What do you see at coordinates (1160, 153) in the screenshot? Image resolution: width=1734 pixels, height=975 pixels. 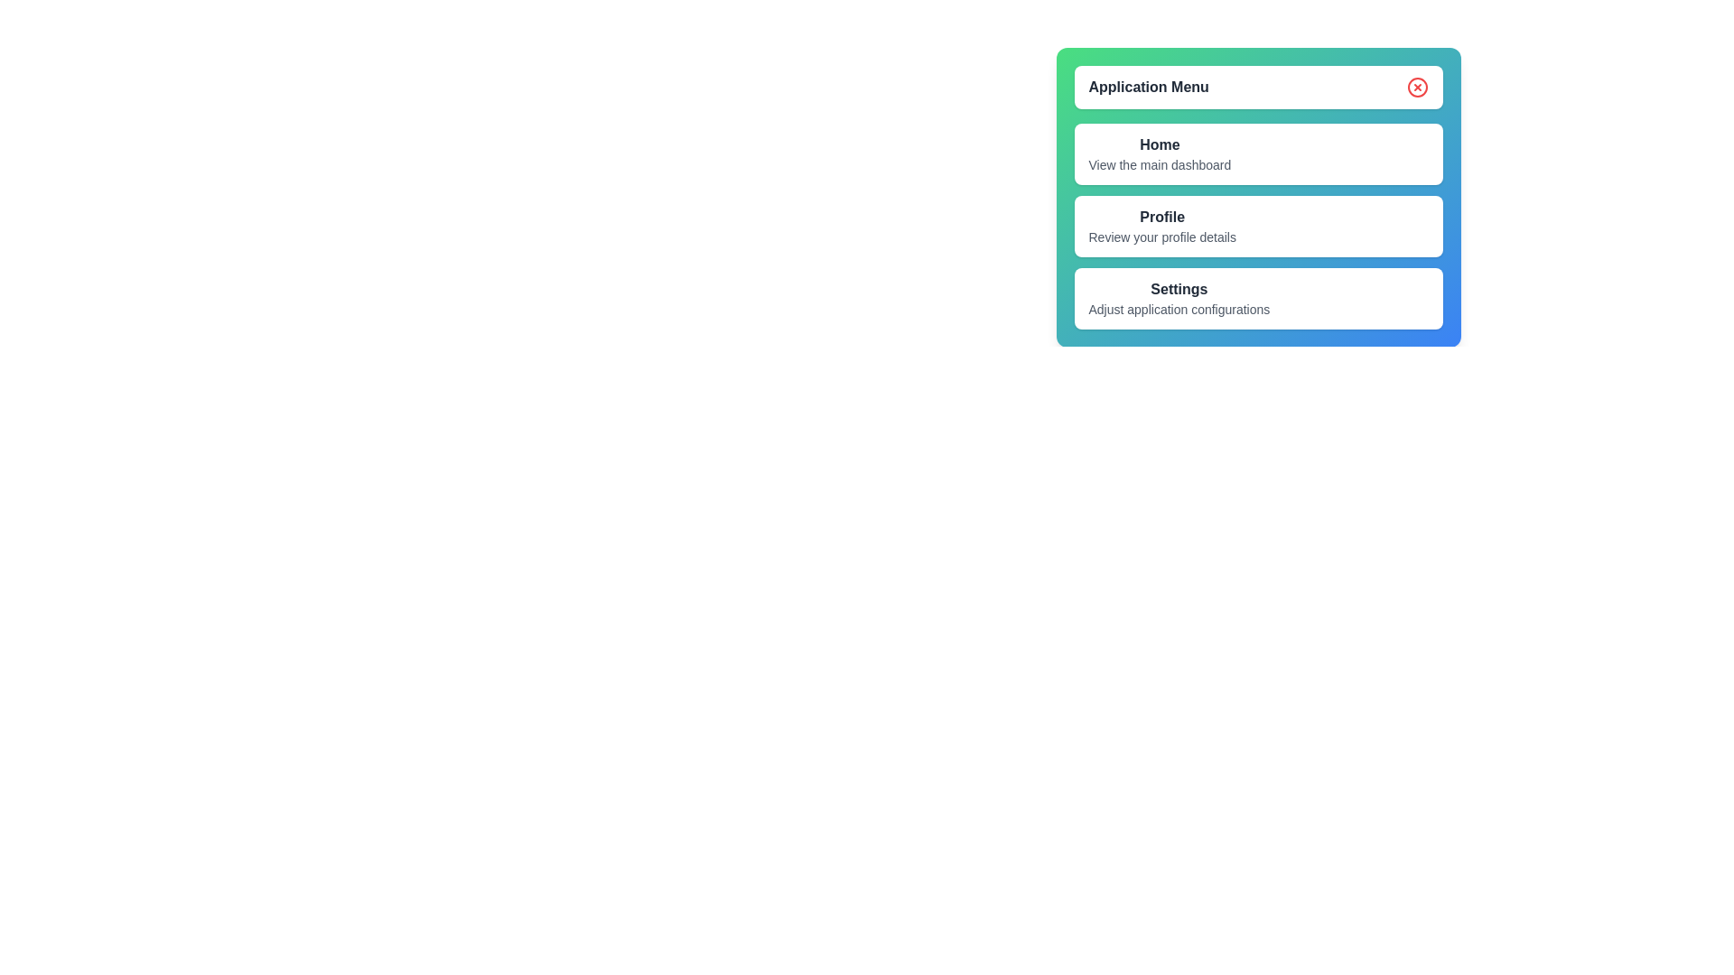 I see `the menu item Home to navigate to its section` at bounding box center [1160, 153].